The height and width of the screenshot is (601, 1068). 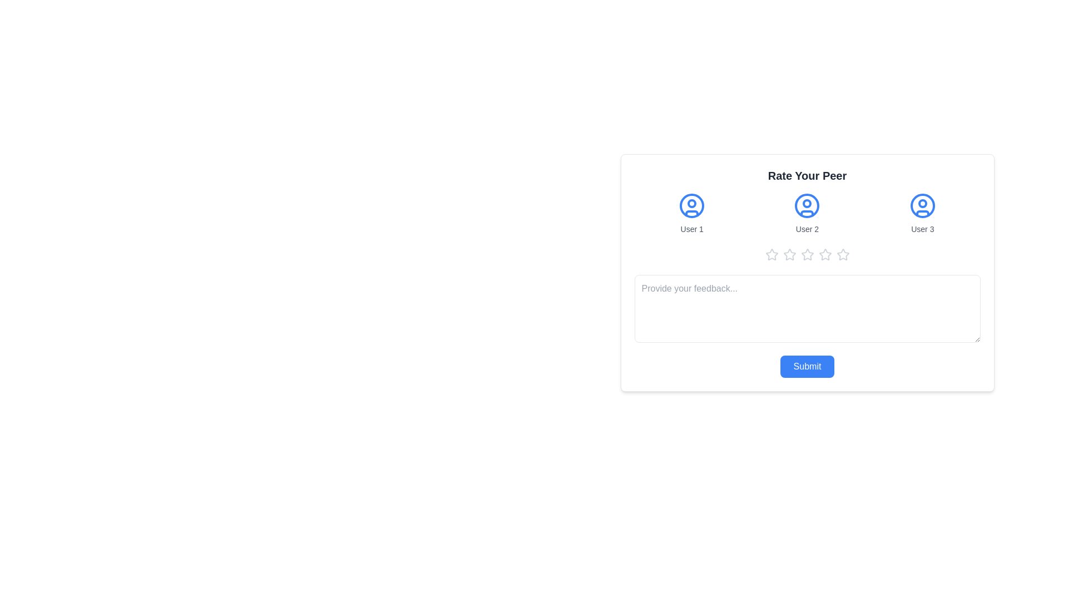 I want to click on the submit button to submit the feedback, so click(x=807, y=367).